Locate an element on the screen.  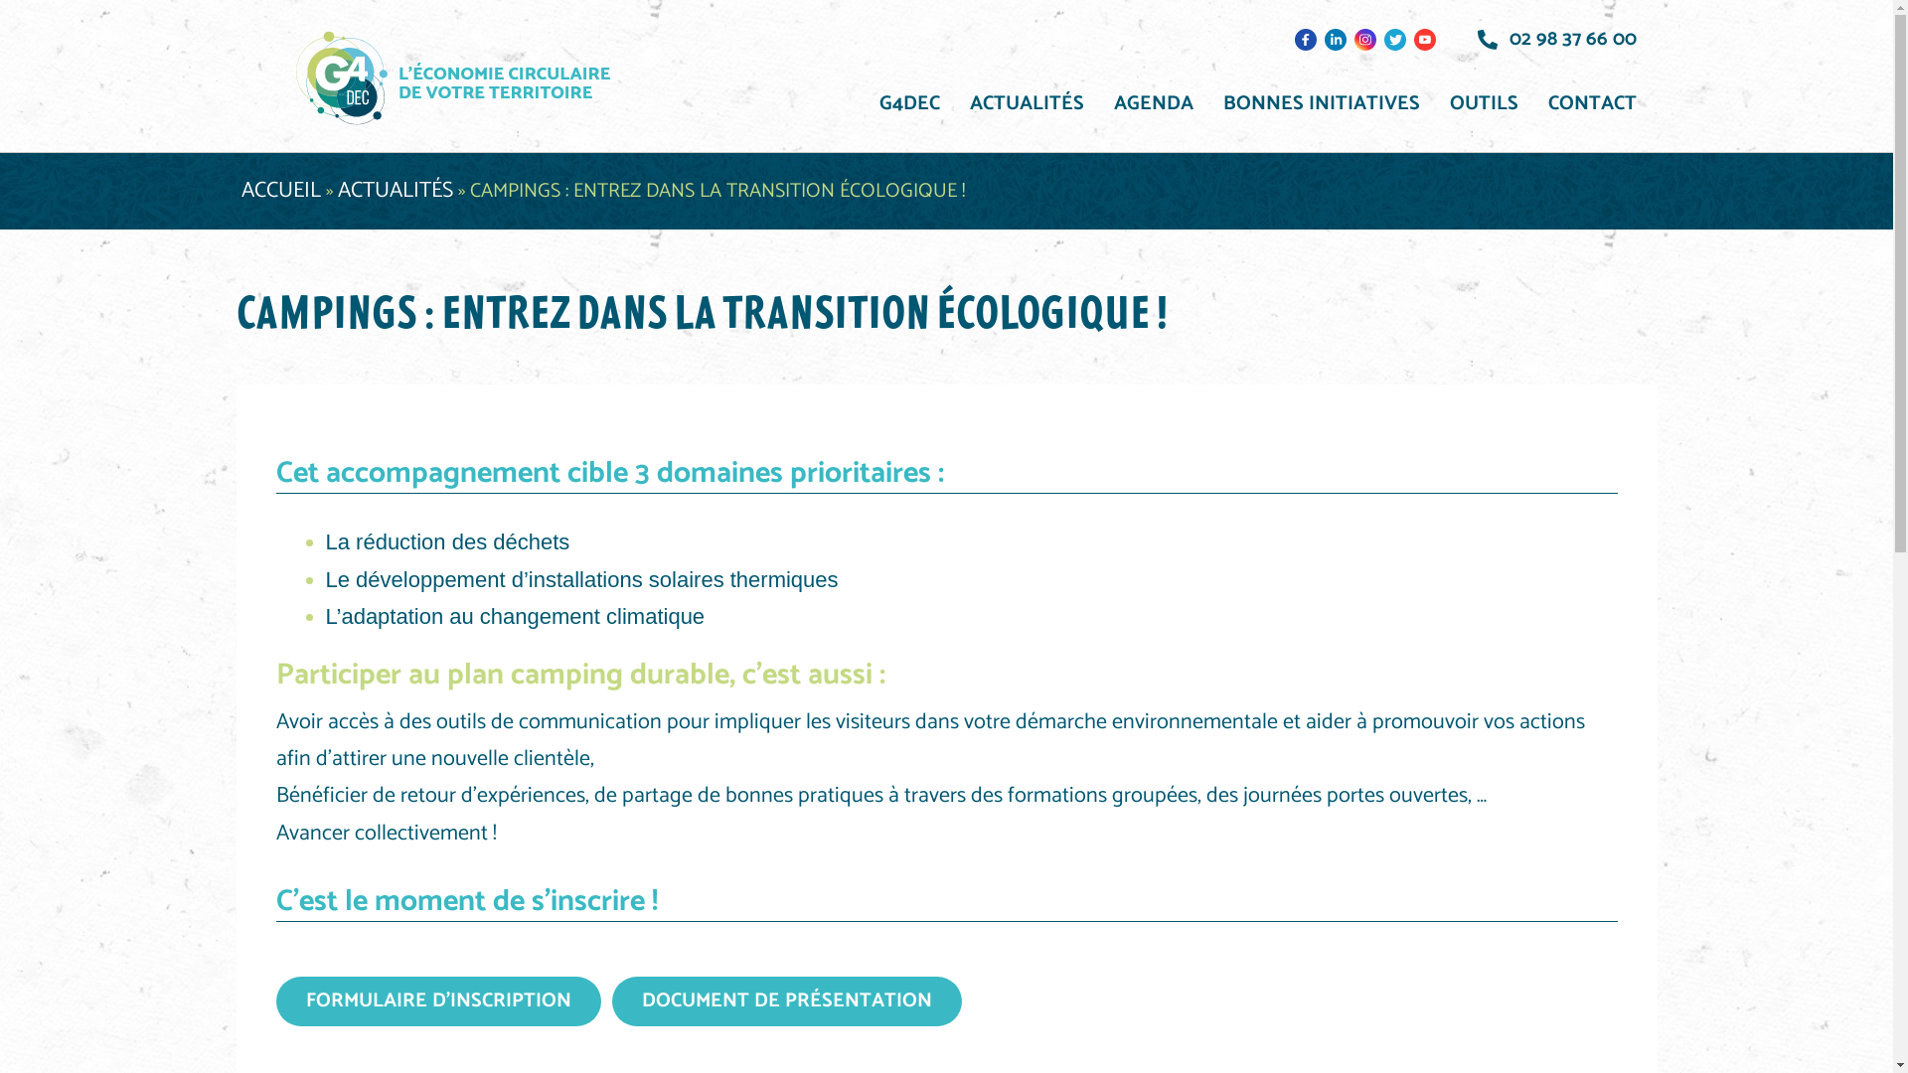
'BONNES INITIATIVES' is located at coordinates (1321, 103).